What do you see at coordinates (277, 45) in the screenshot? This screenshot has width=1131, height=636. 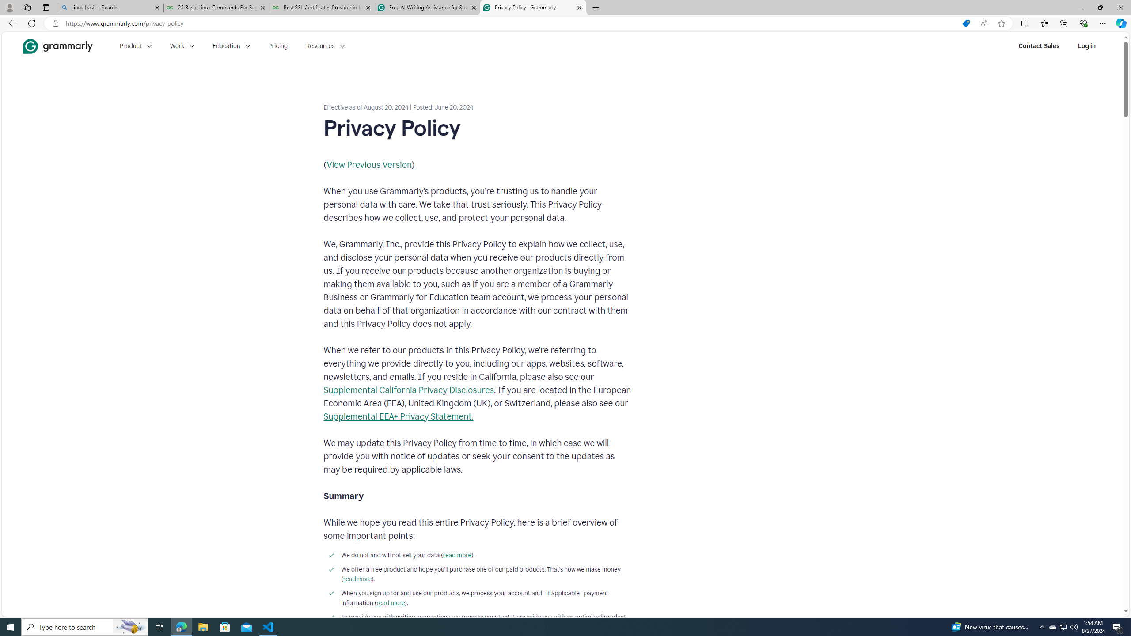 I see `'Pricing'` at bounding box center [277, 45].